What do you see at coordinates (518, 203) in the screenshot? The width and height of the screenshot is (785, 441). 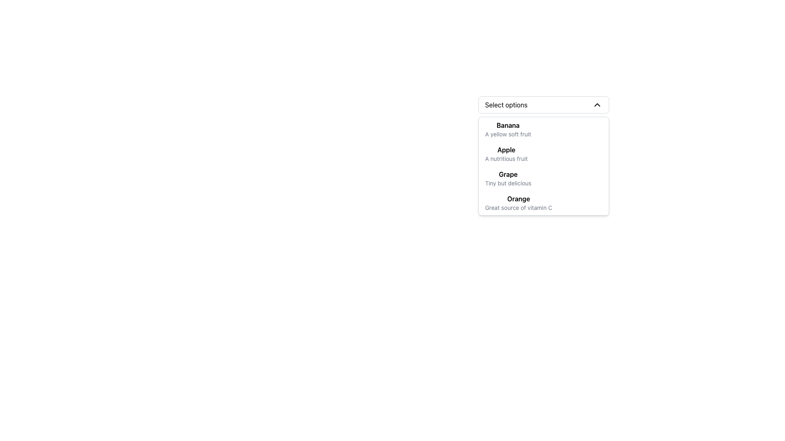 I see `the 'Orange' text block, which is the fourth option in the dropdown menu` at bounding box center [518, 203].